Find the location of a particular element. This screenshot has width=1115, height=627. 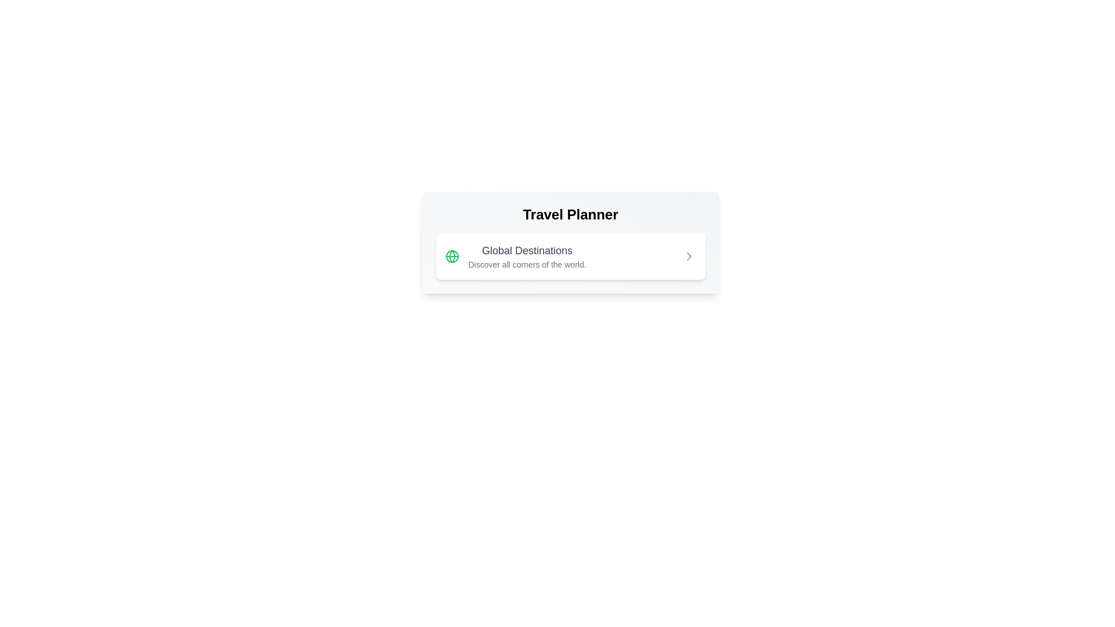

the prominent Text label serving as a title in the travel planner feature is located at coordinates (570, 215).